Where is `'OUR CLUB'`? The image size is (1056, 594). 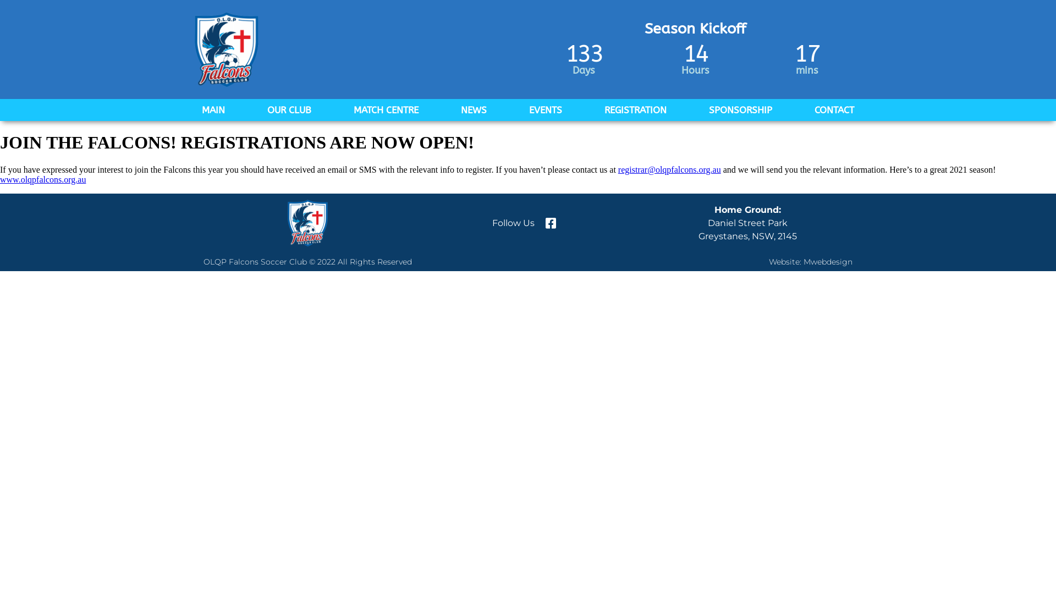
'OUR CLUB' is located at coordinates (289, 110).